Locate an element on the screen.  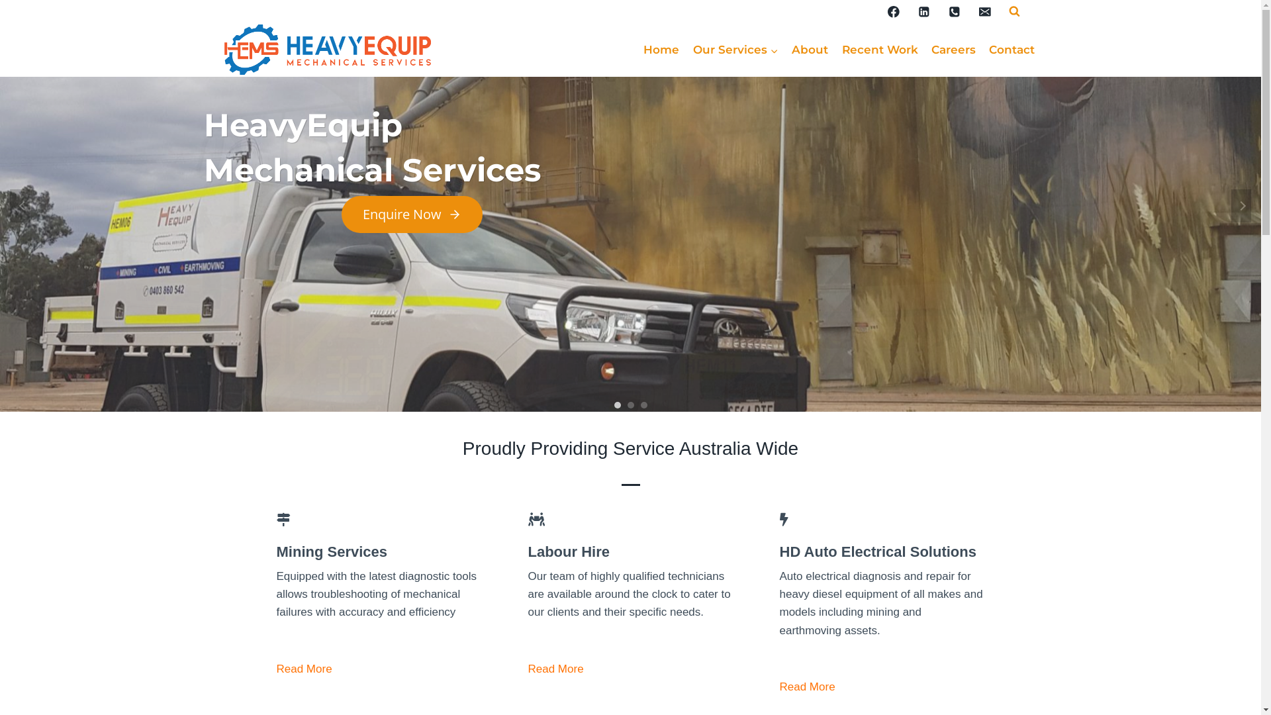
'Next' is located at coordinates (1241, 206).